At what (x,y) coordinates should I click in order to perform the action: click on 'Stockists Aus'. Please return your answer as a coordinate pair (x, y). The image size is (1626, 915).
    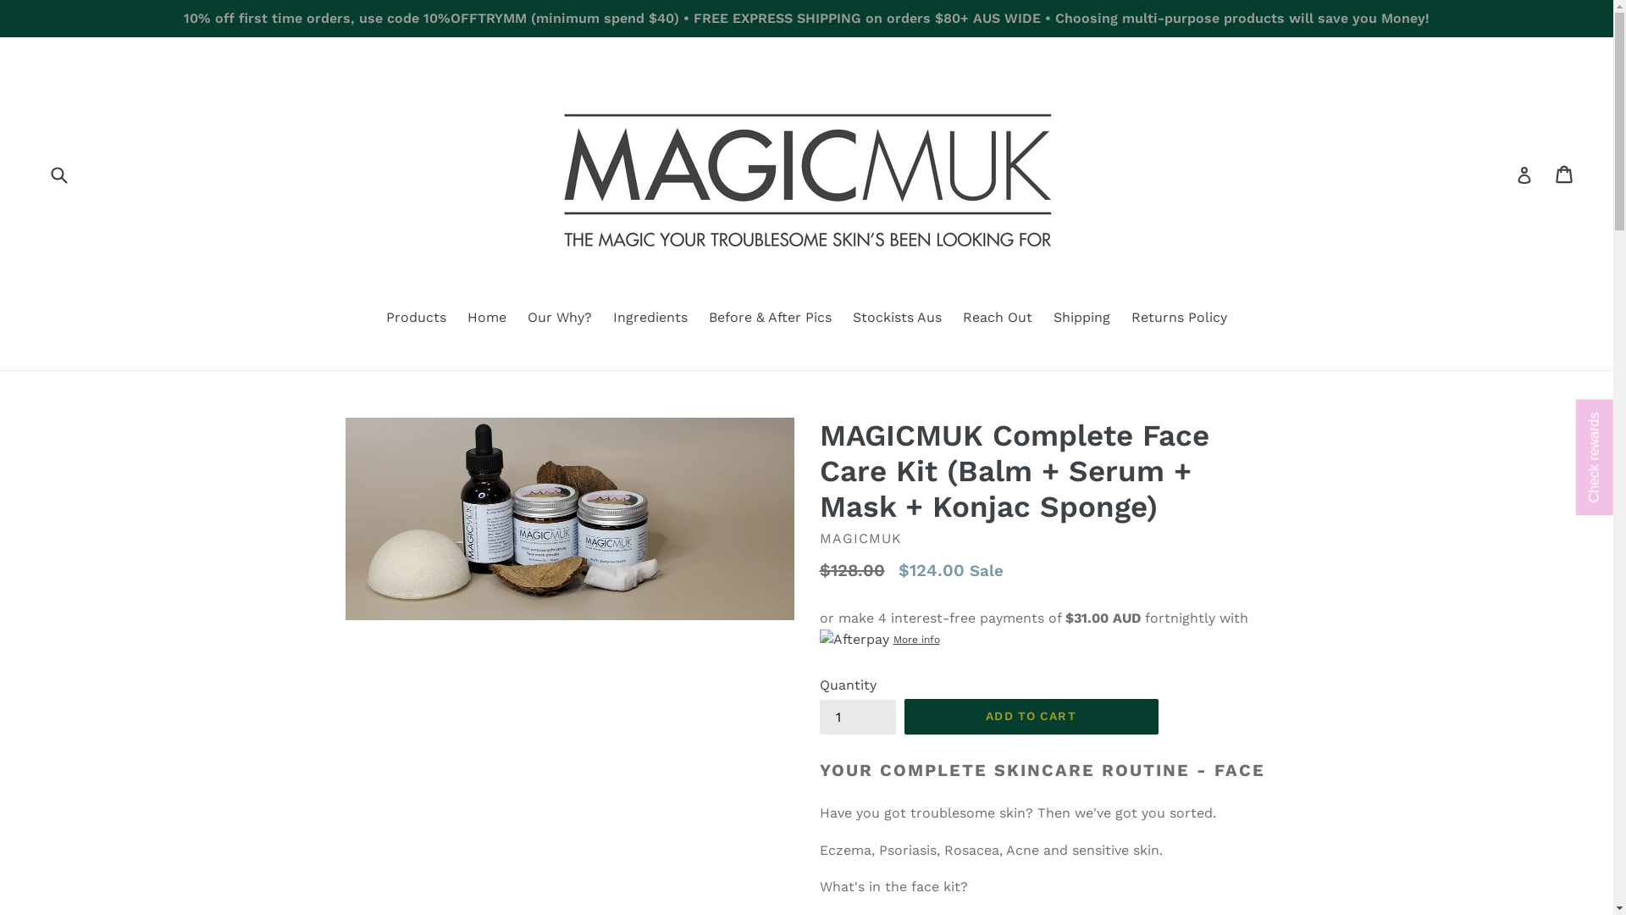
    Looking at the image, I should click on (896, 319).